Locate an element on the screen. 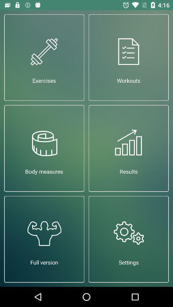  the item to the right of full version icon is located at coordinates (128, 239).